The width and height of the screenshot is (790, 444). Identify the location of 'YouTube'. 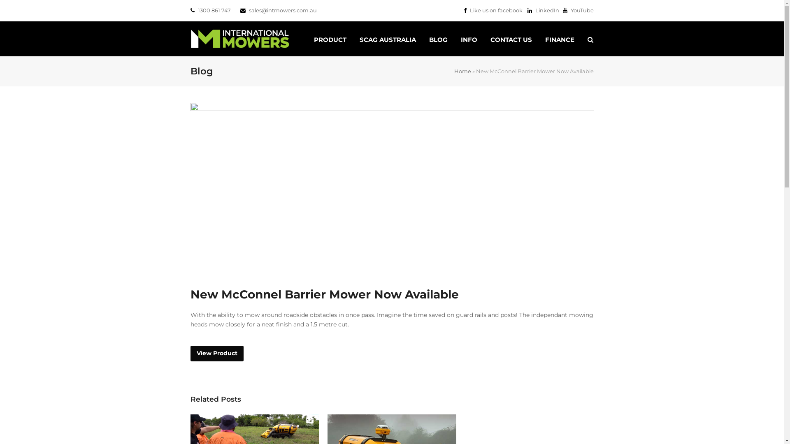
(578, 10).